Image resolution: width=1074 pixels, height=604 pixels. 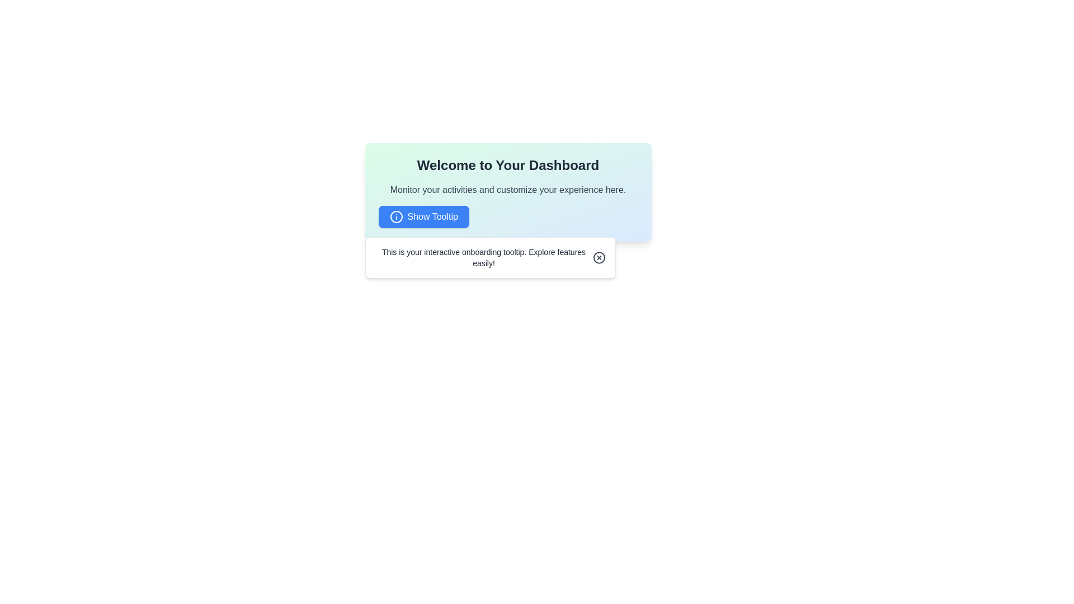 I want to click on the Text Block with Explanation that contains the heading 'Welcome to Your Dashboard' and the 'Show Tooltip' button, so click(x=507, y=191).